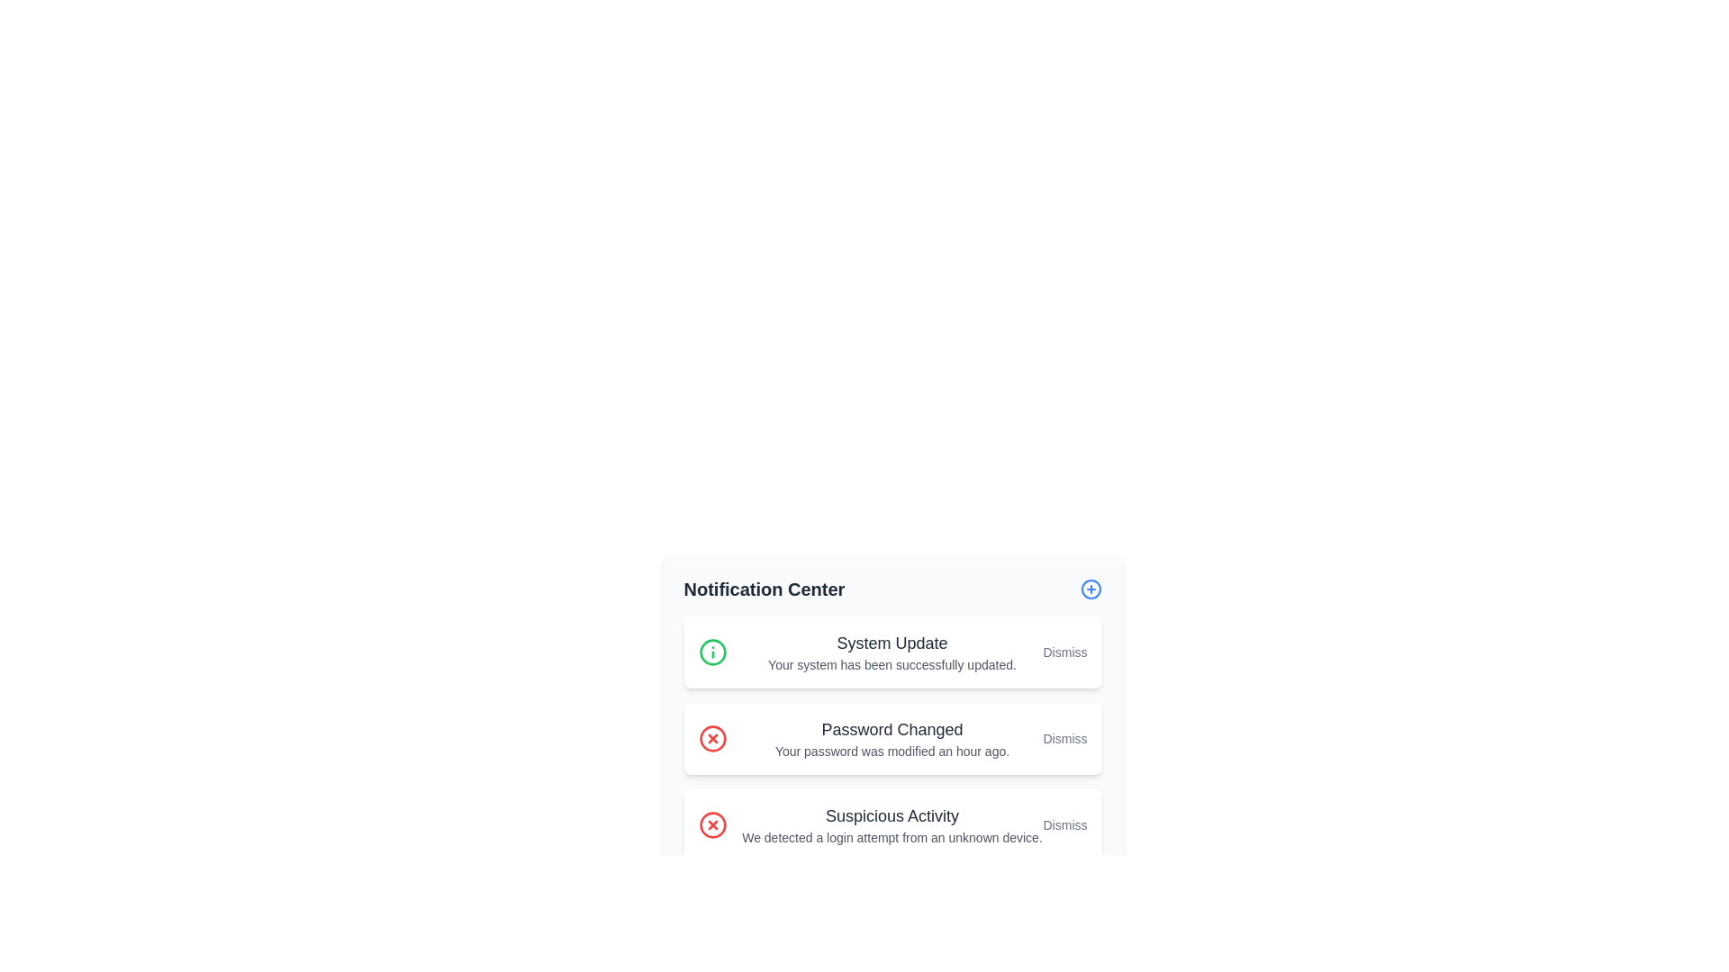 The width and height of the screenshot is (1729, 972). Describe the element at coordinates (892, 837) in the screenshot. I see `static text message 'We detected a login attempt from an unknown device.' which is the second line within the 'Suspicious Activity' notification card` at that location.